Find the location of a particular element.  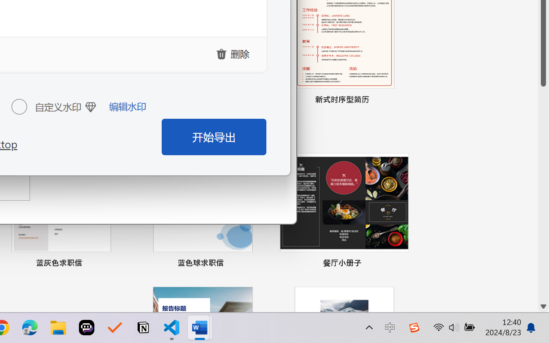

'Line down' is located at coordinates (543, 306).